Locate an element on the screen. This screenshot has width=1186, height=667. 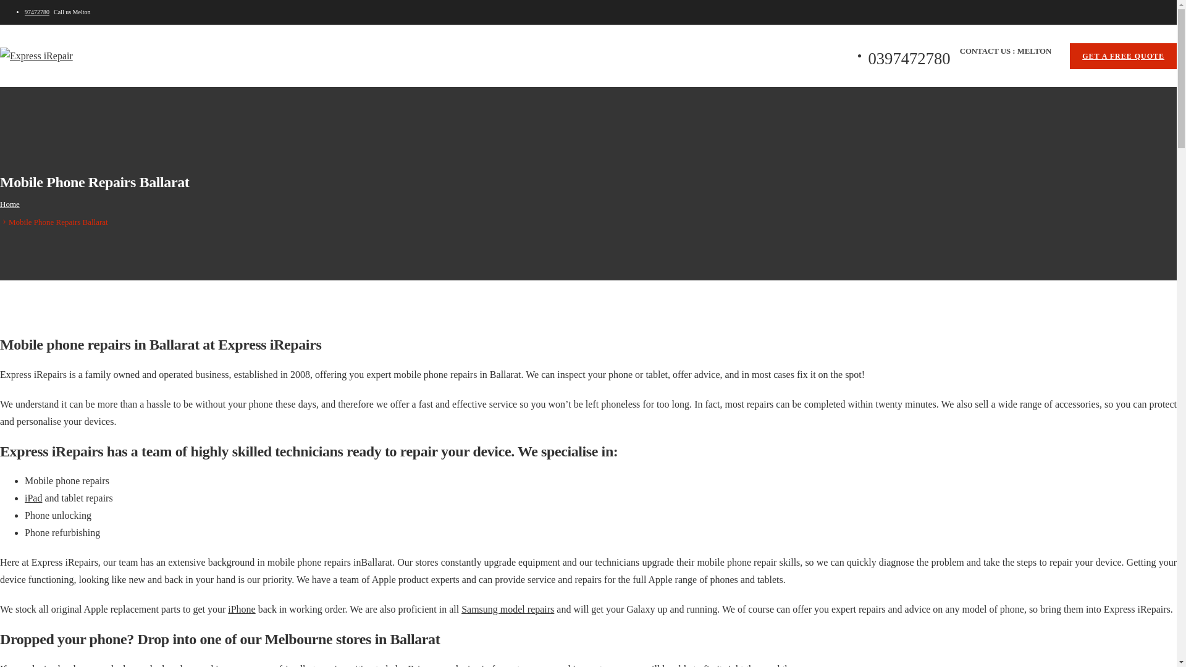
'CONTACT US' is located at coordinates (349, 104).